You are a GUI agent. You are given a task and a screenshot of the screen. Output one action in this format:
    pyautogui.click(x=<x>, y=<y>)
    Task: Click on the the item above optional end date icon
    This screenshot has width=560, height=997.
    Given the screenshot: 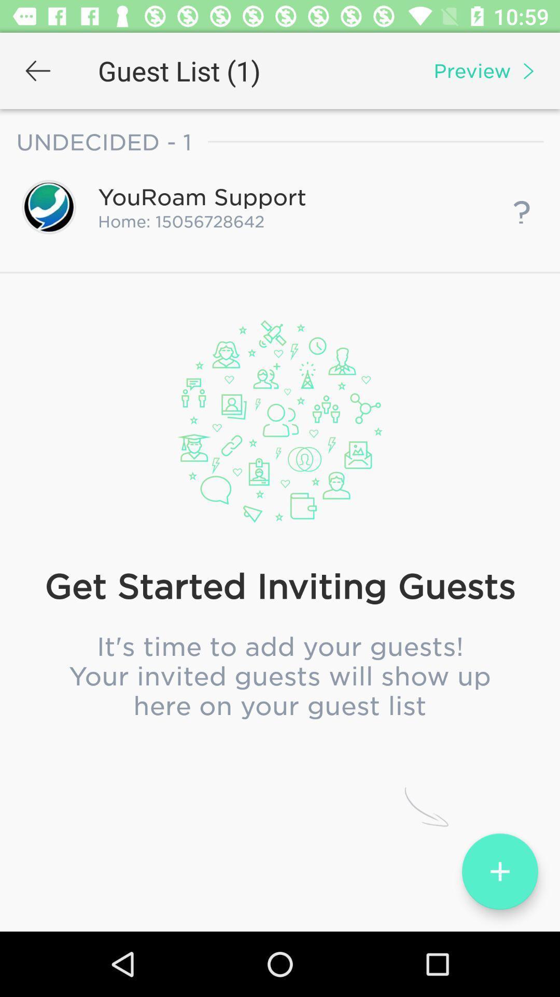 What is the action you would take?
    pyautogui.click(x=280, y=432)
    